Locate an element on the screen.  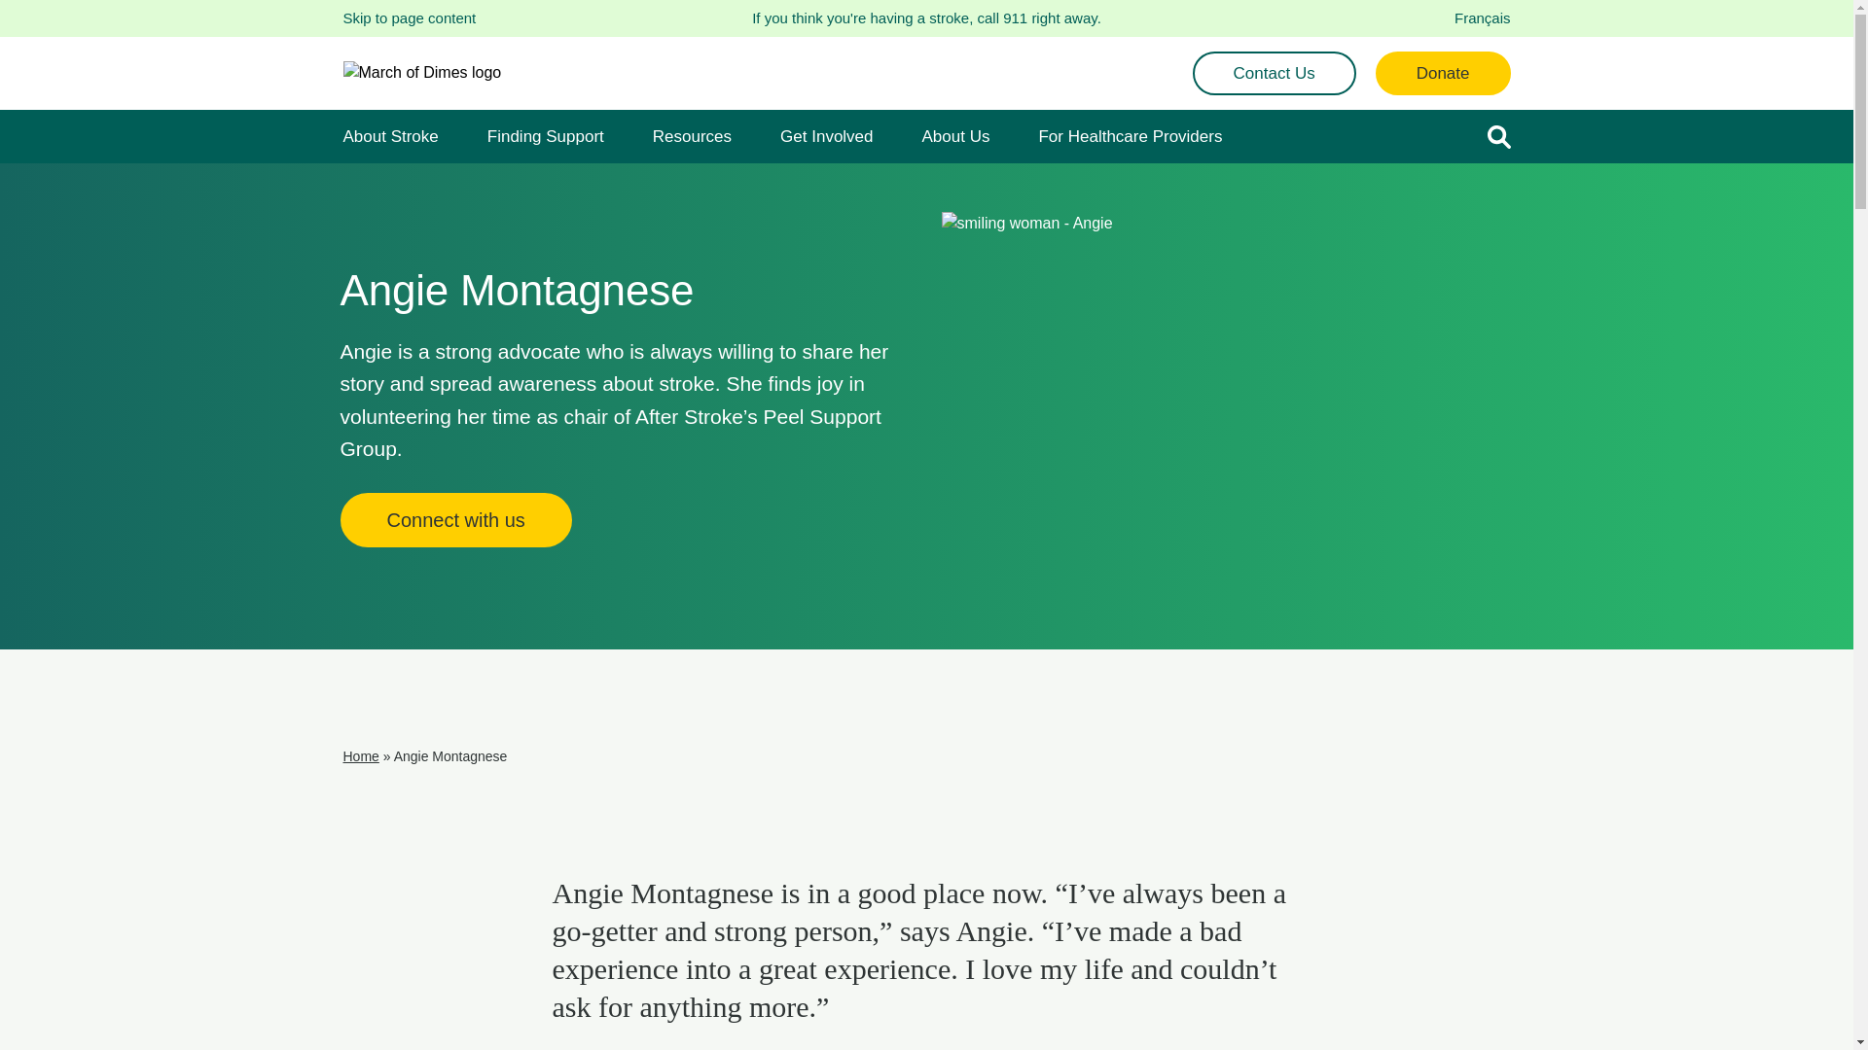
'For Healthcare Providers' is located at coordinates (1036, 135).